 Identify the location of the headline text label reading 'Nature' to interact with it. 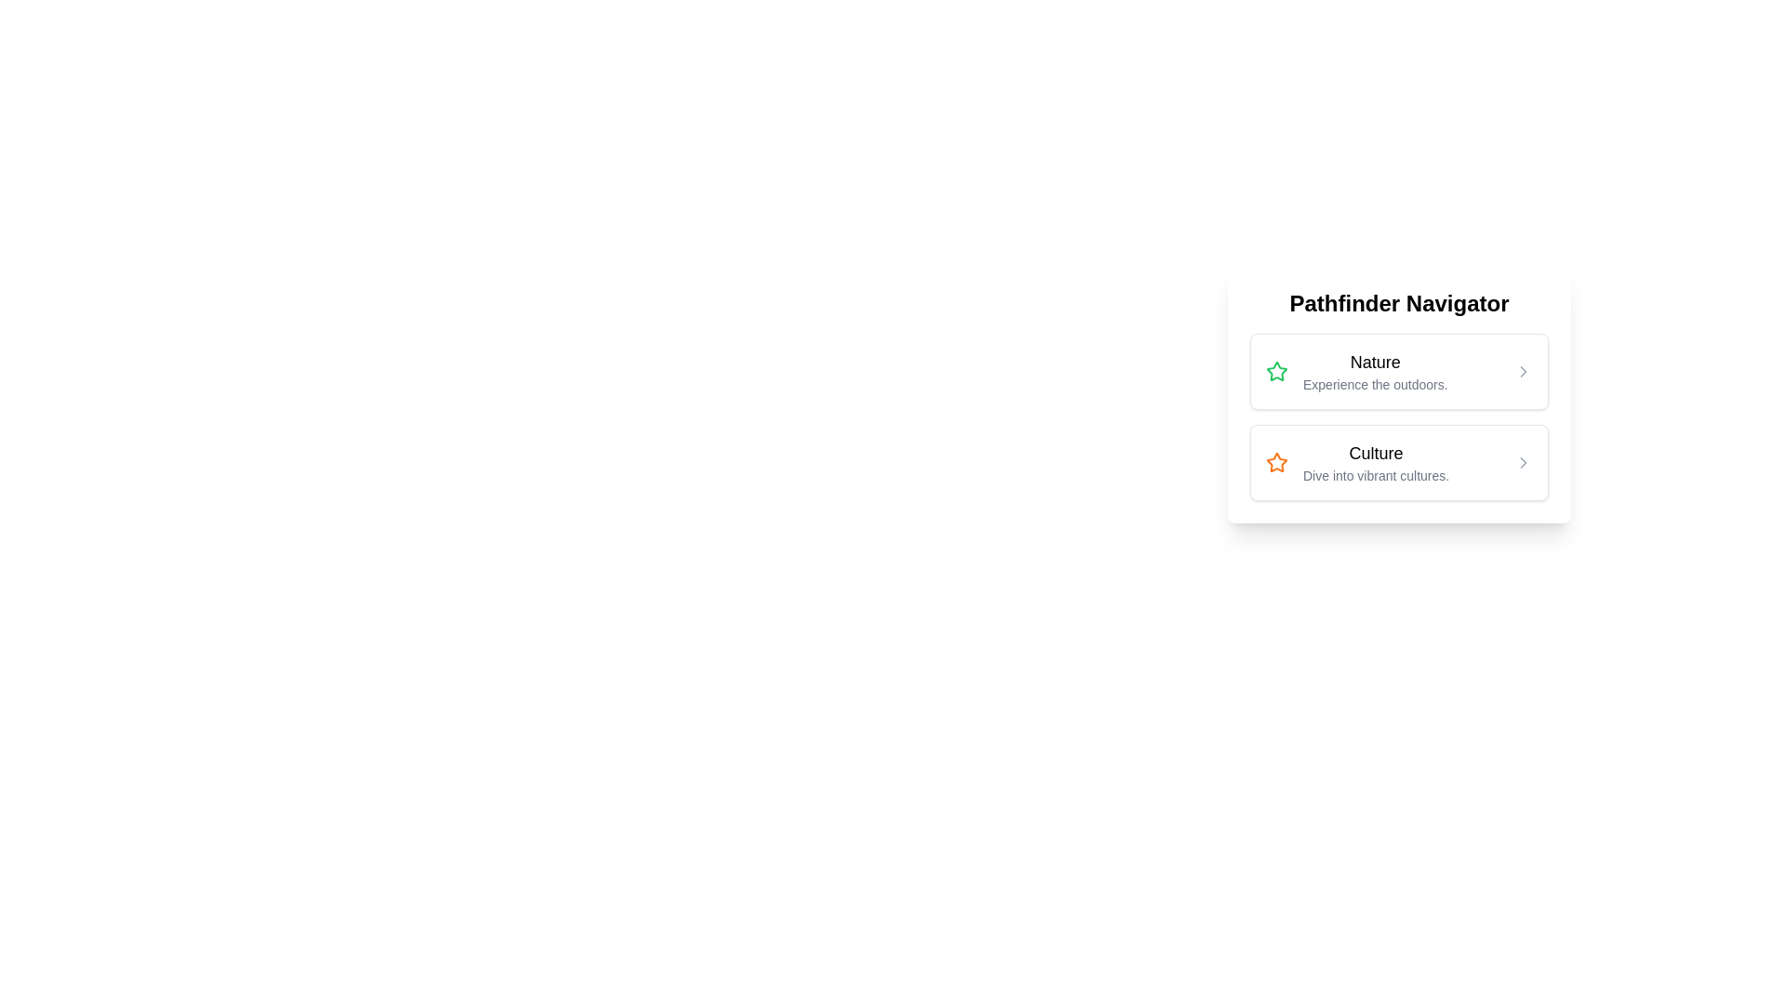
(1375, 362).